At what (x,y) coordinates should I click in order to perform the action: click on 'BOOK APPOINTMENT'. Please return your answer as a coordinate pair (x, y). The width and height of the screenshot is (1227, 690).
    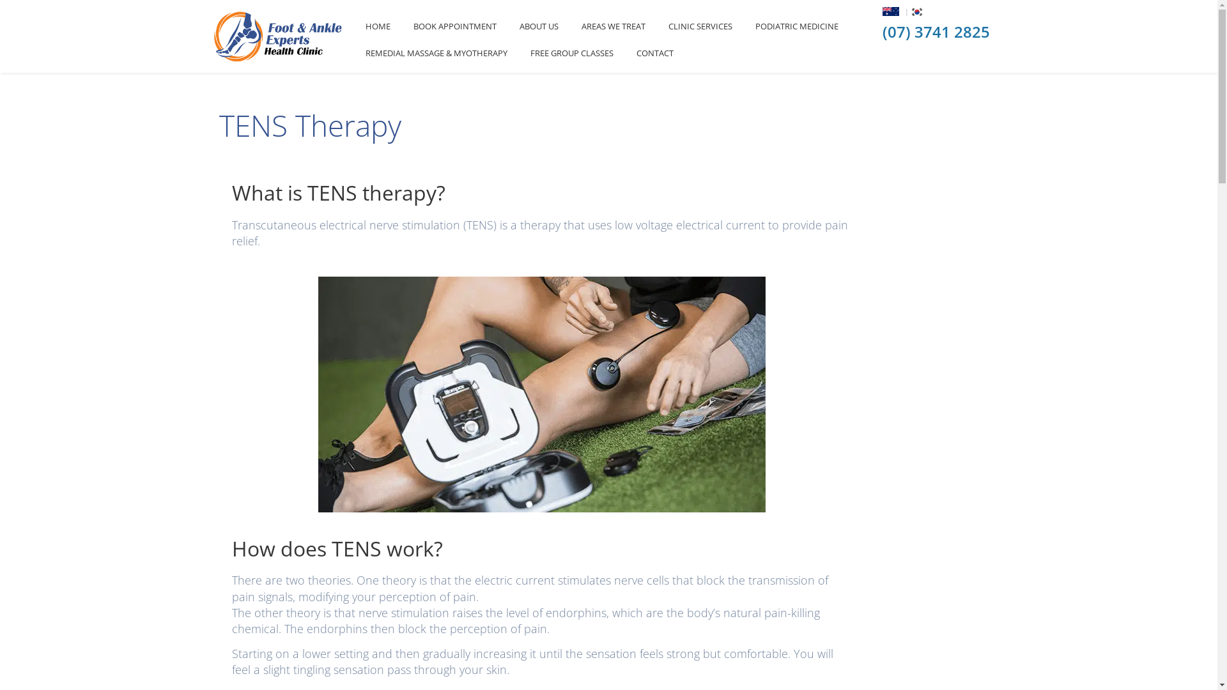
    Looking at the image, I should click on (454, 26).